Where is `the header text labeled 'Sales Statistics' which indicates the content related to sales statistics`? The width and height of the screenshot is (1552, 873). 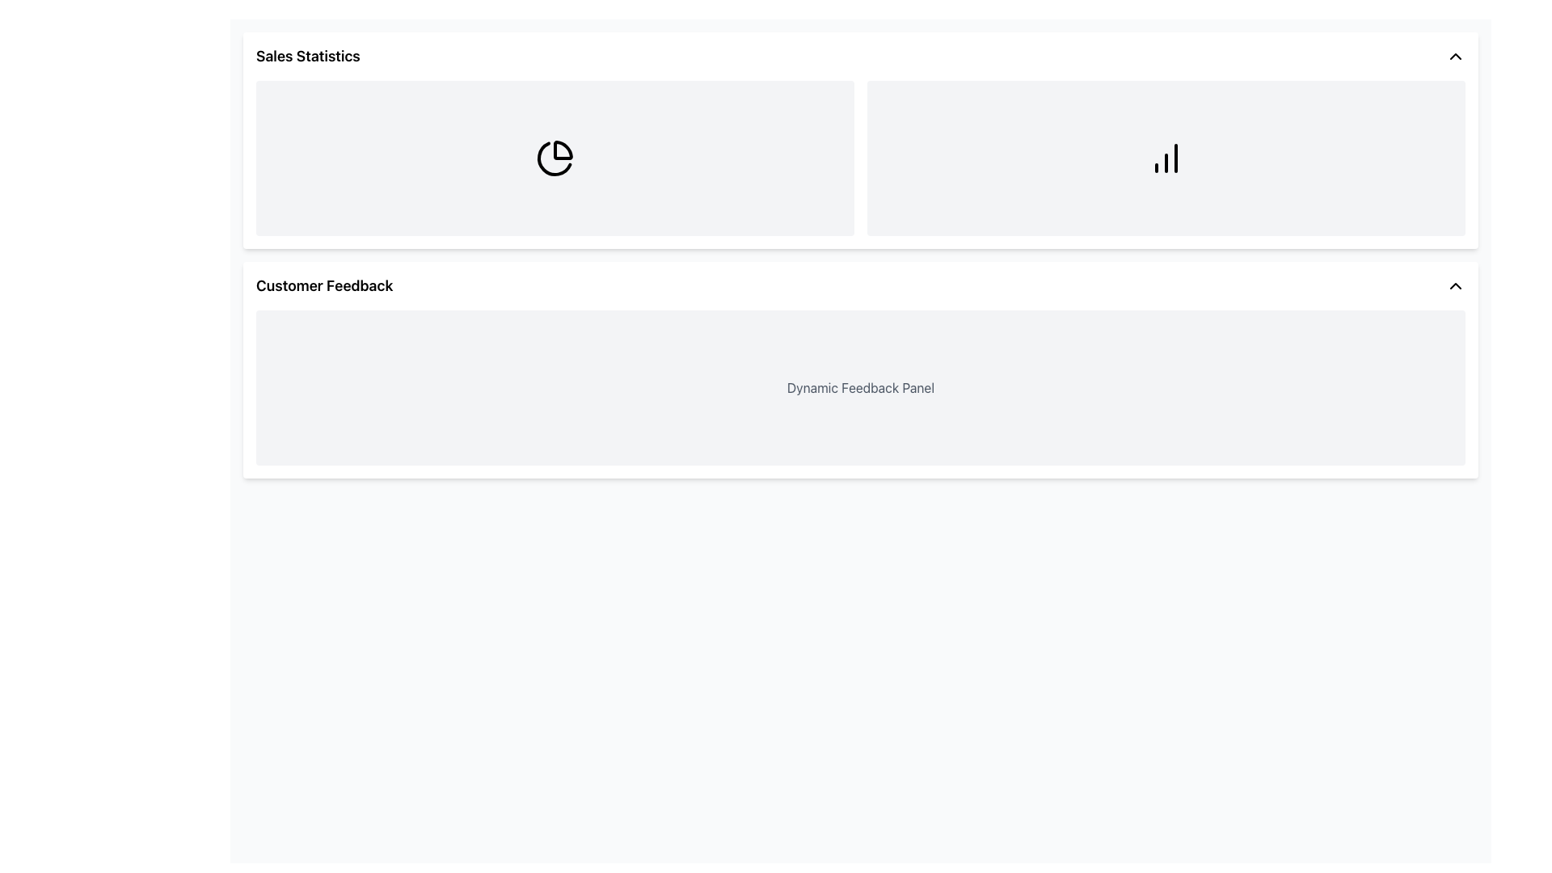 the header text labeled 'Sales Statistics' which indicates the content related to sales statistics is located at coordinates (308, 55).